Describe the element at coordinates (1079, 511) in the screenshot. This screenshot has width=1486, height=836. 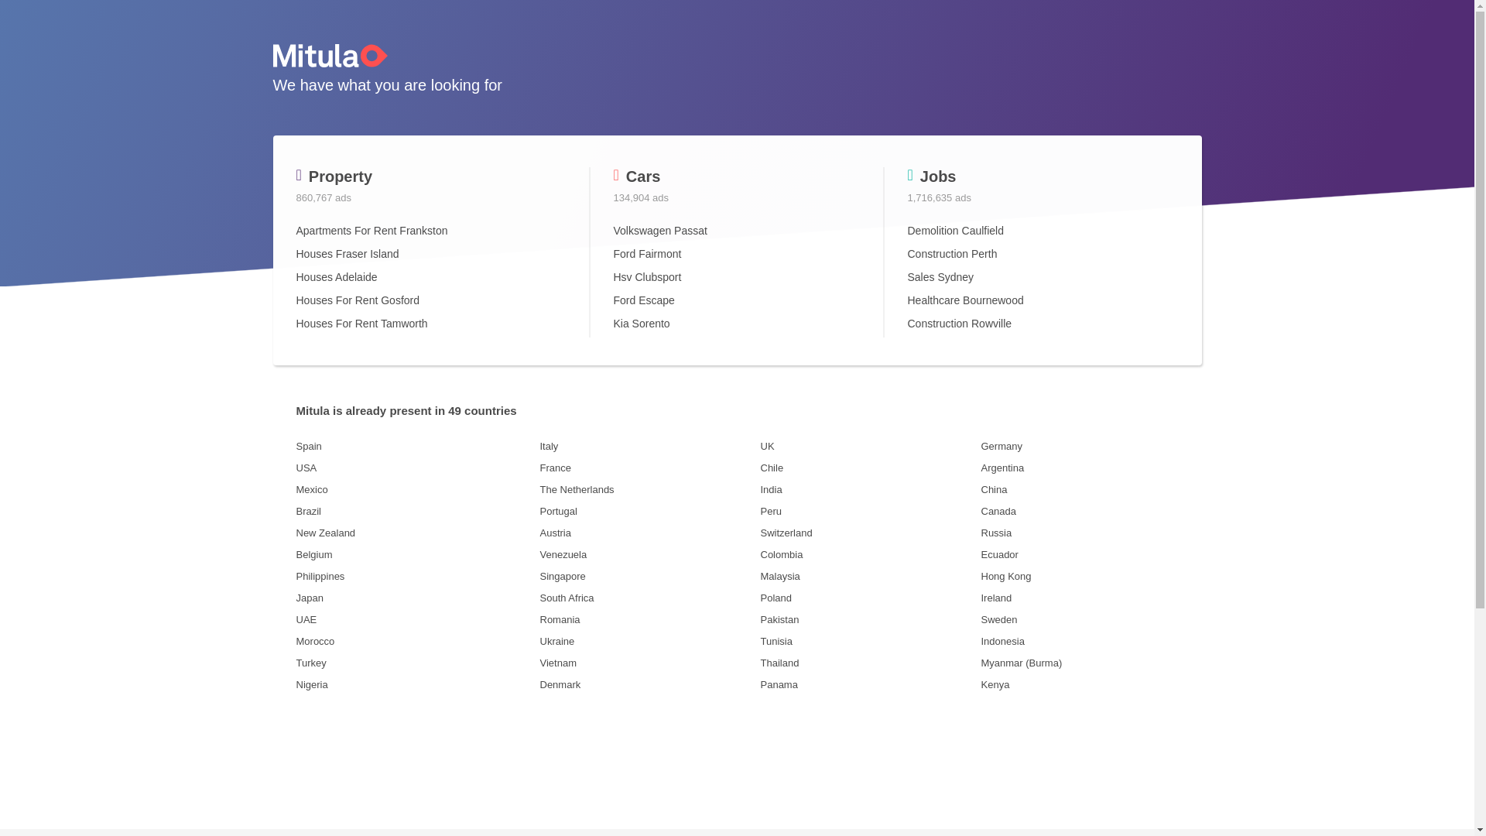
I see `'Canada'` at that location.